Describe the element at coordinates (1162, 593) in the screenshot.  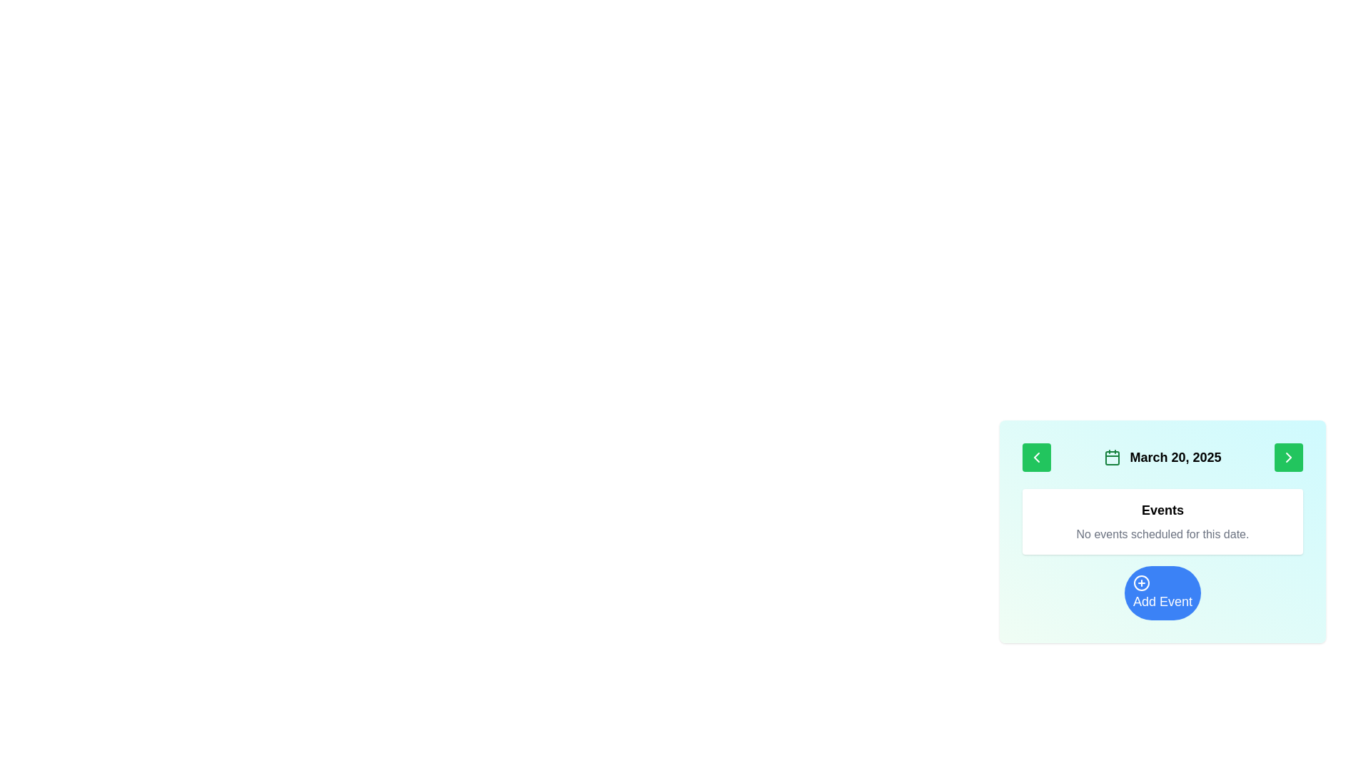
I see `the 'Add Event' button located at the bottom-right corner of the centered card interface` at that location.